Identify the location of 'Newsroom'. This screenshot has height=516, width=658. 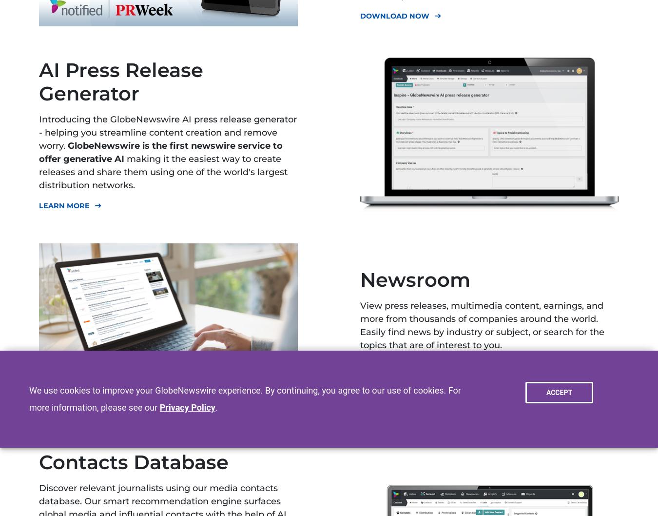
(359, 279).